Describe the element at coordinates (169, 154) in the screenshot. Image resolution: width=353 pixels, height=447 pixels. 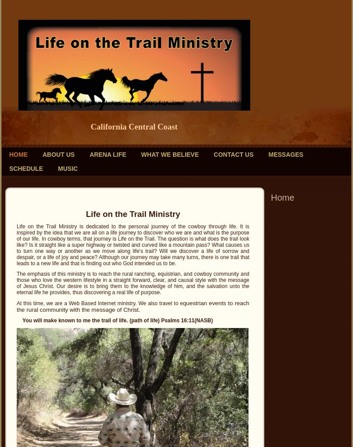
I see `'What we Believe'` at that location.